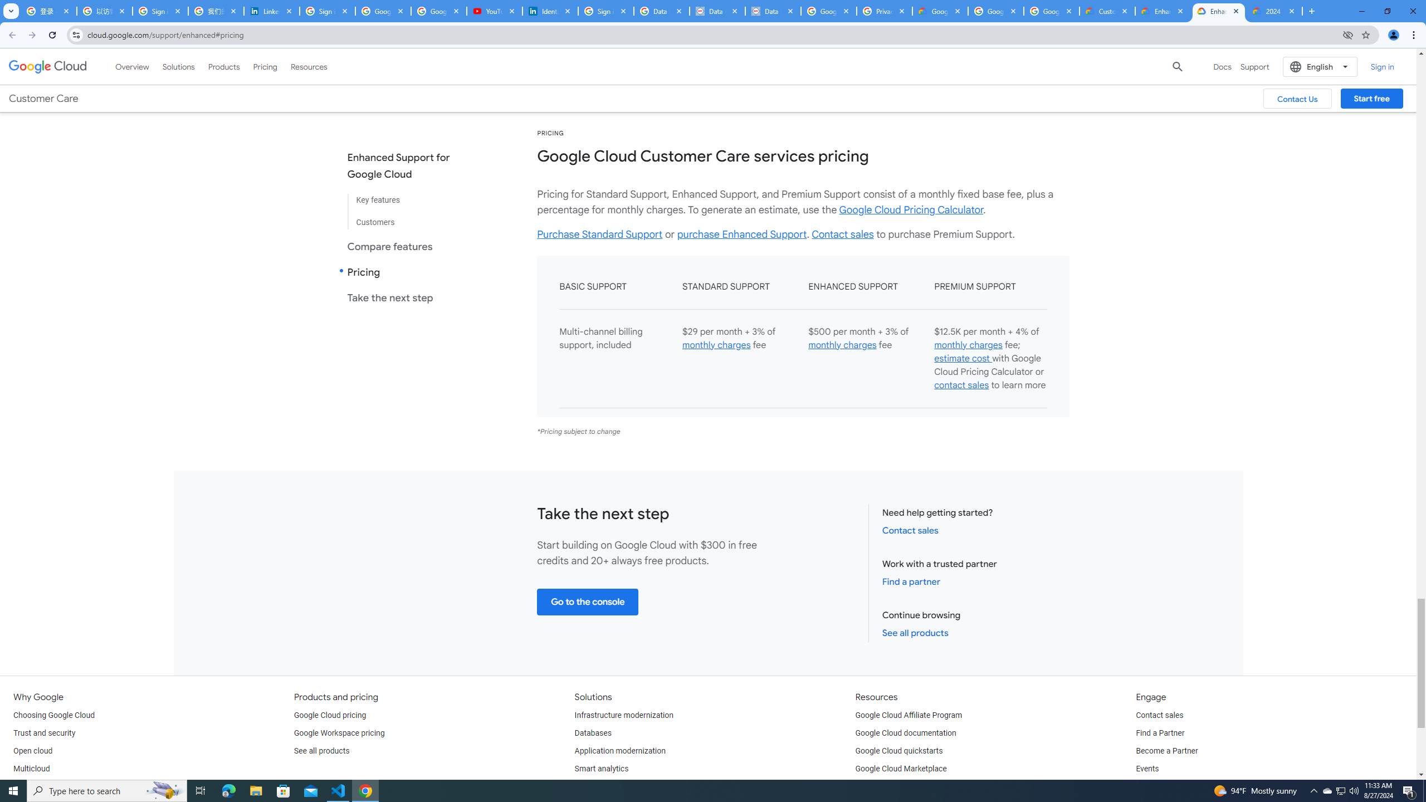  What do you see at coordinates (31, 768) in the screenshot?
I see `'Multicloud'` at bounding box center [31, 768].